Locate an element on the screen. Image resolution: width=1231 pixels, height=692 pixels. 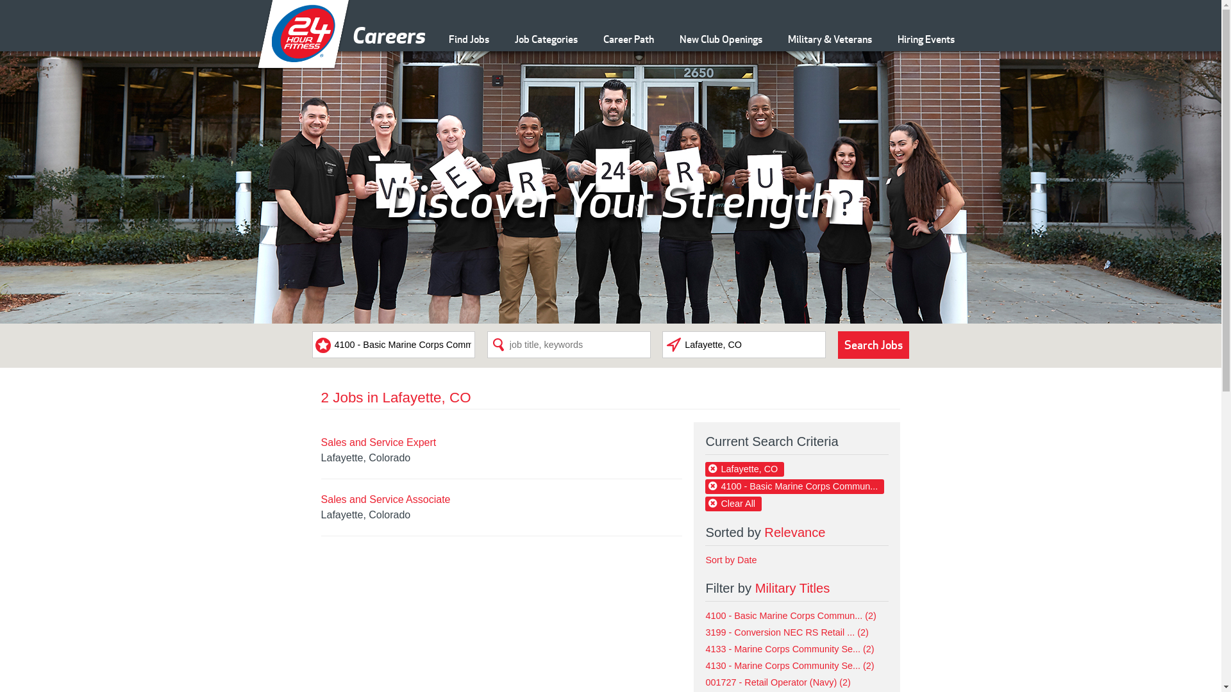
'Search Phrase' is located at coordinates (568, 343).